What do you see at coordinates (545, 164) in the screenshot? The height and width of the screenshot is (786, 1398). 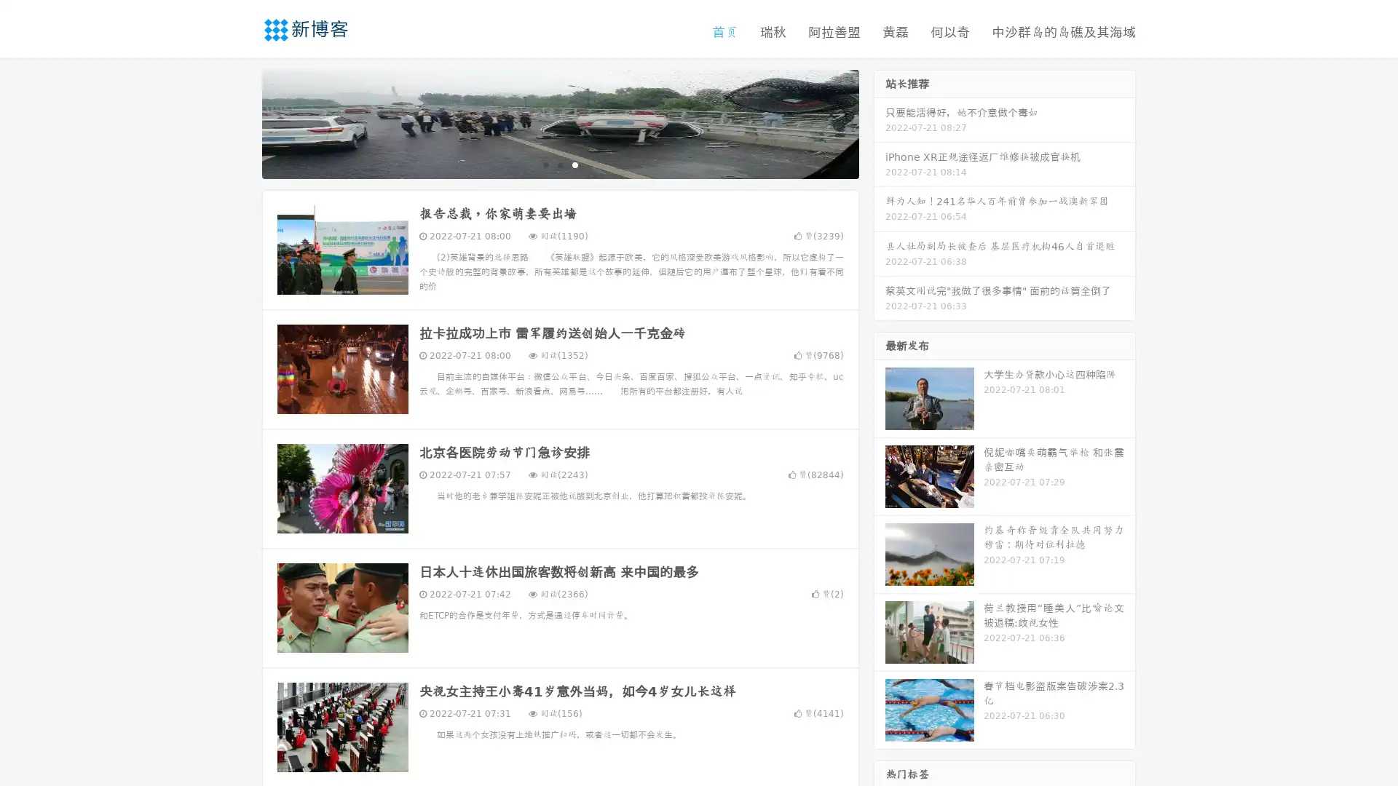 I see `Go to slide 1` at bounding box center [545, 164].